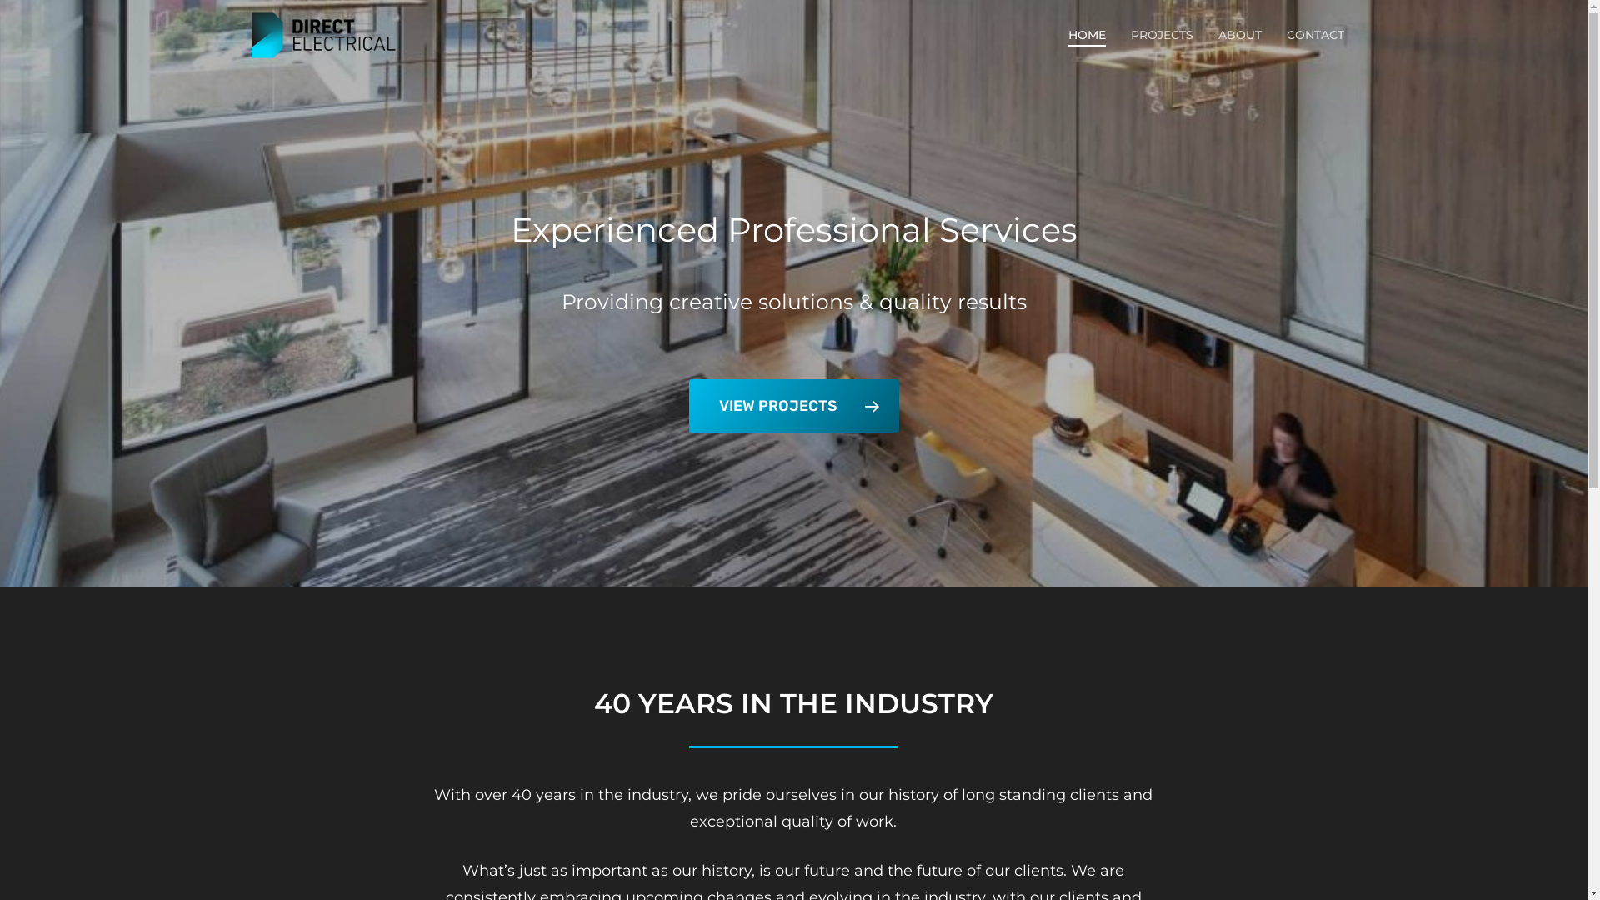 Image resolution: width=1600 pixels, height=900 pixels. I want to click on 'PROJECTS', so click(1130, 35).